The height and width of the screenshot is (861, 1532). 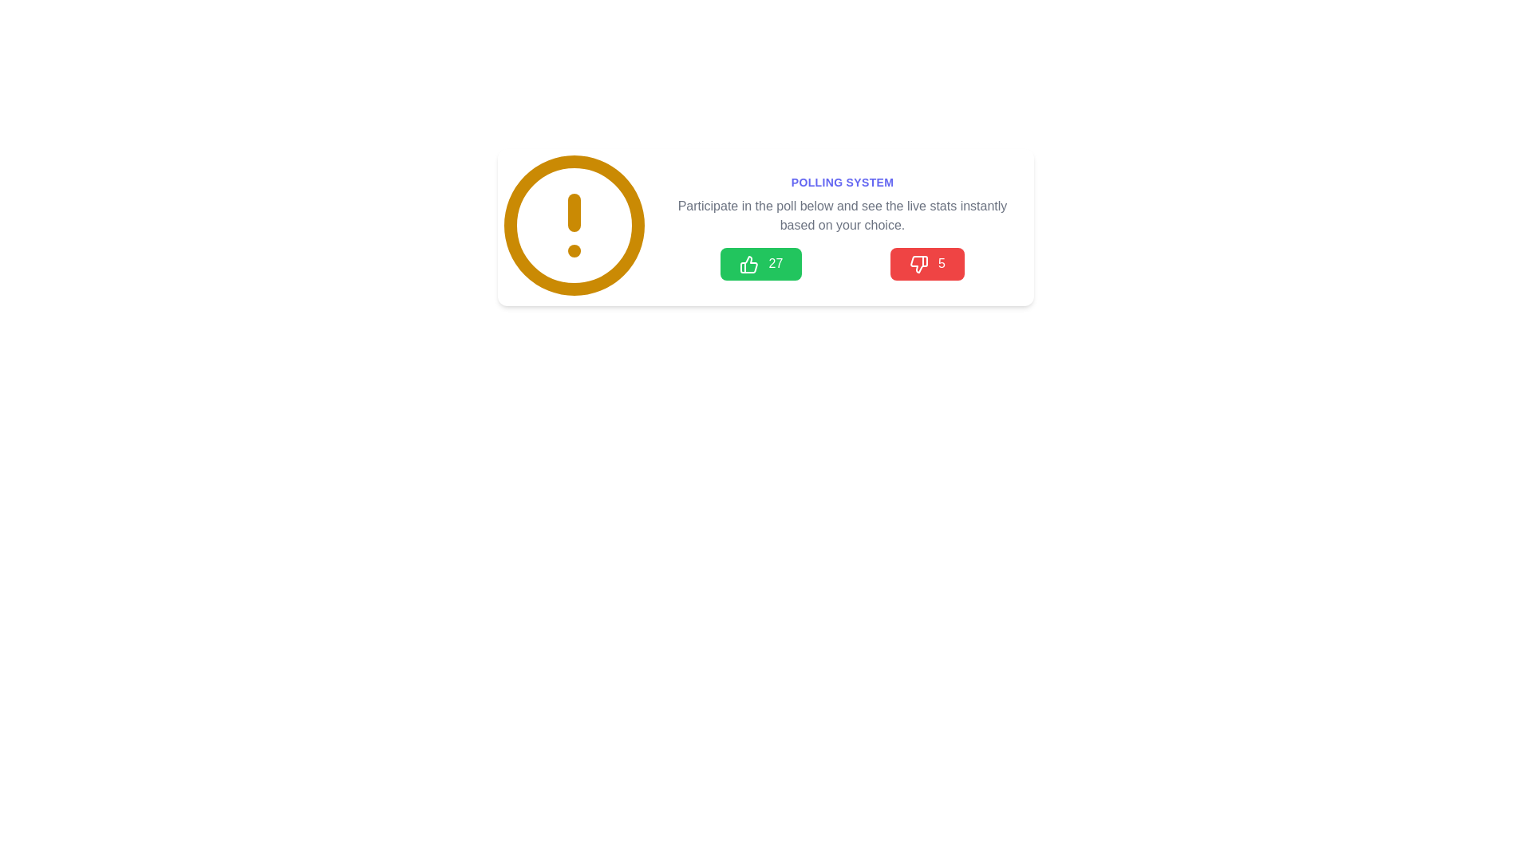 What do you see at coordinates (760, 263) in the screenshot?
I see `the leftmost green button displaying the number '27' with a thumbs-up icon to increment the count` at bounding box center [760, 263].